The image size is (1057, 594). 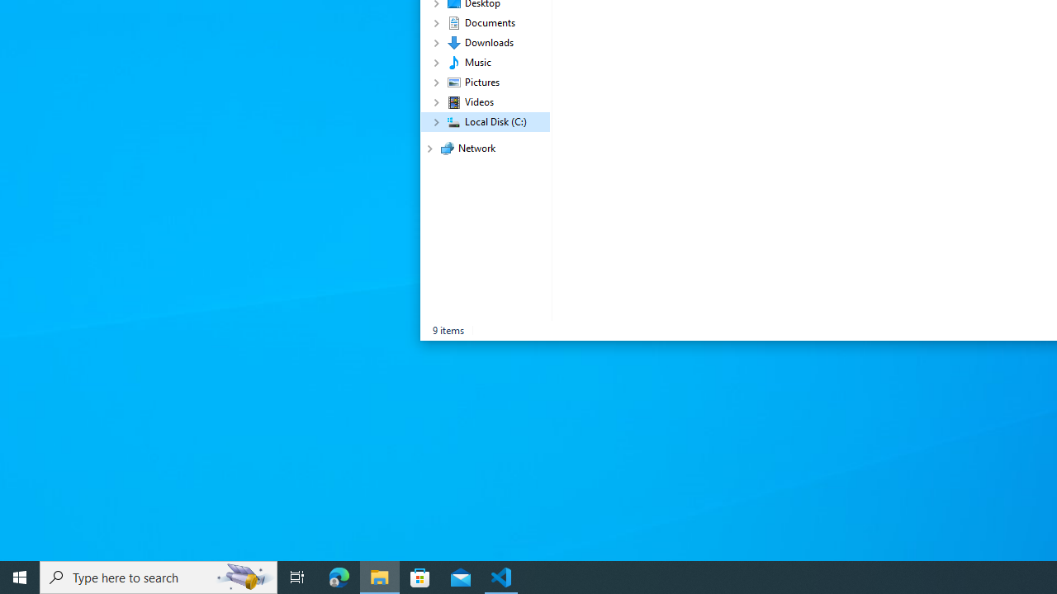 What do you see at coordinates (20, 576) in the screenshot?
I see `'Start'` at bounding box center [20, 576].